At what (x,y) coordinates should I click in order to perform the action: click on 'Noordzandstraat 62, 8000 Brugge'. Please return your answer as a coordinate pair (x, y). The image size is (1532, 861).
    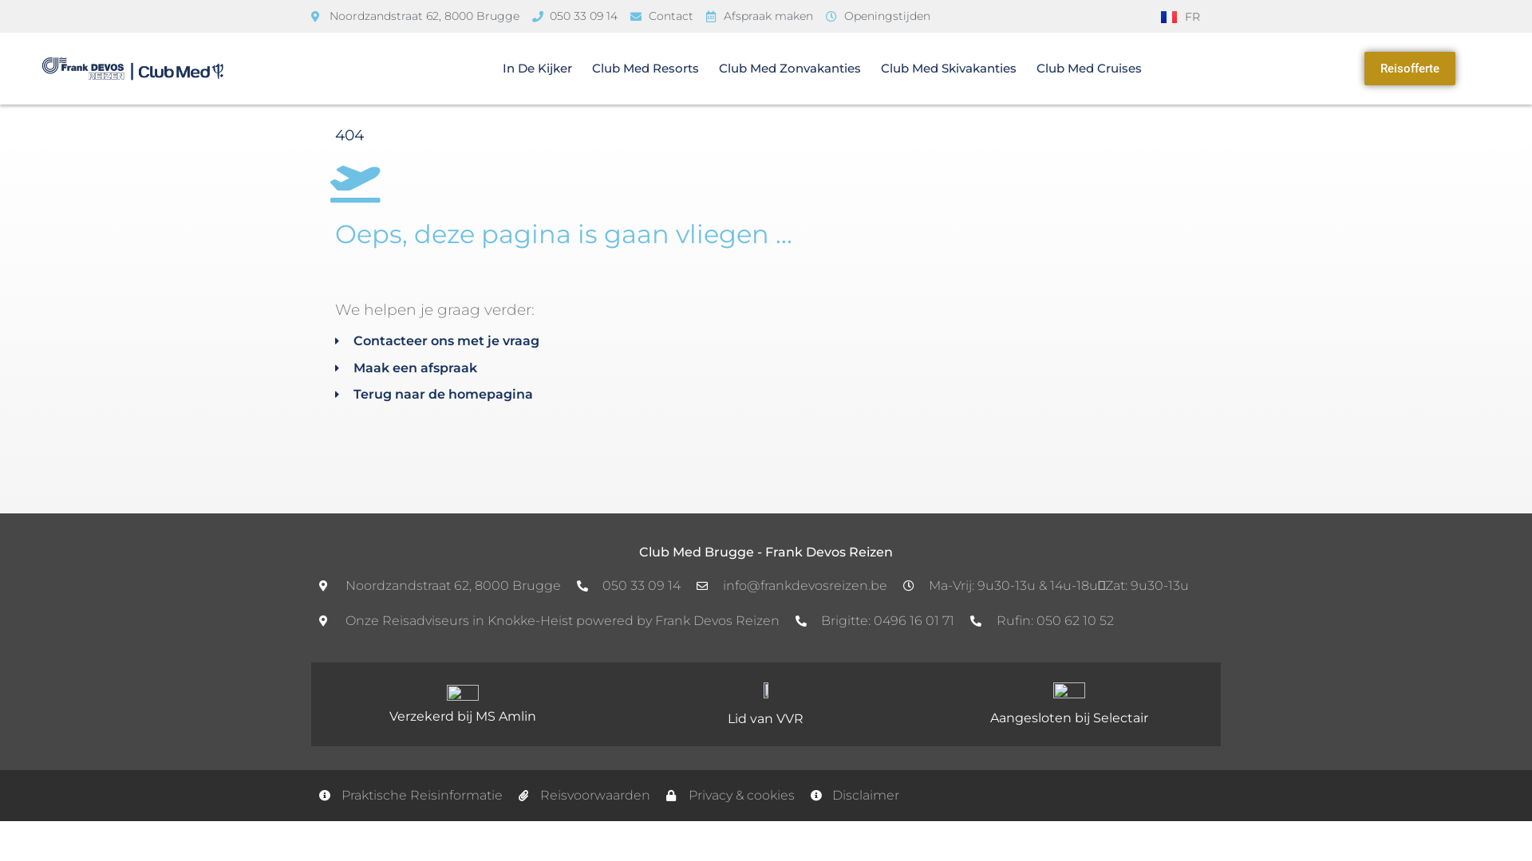
    Looking at the image, I should click on (415, 16).